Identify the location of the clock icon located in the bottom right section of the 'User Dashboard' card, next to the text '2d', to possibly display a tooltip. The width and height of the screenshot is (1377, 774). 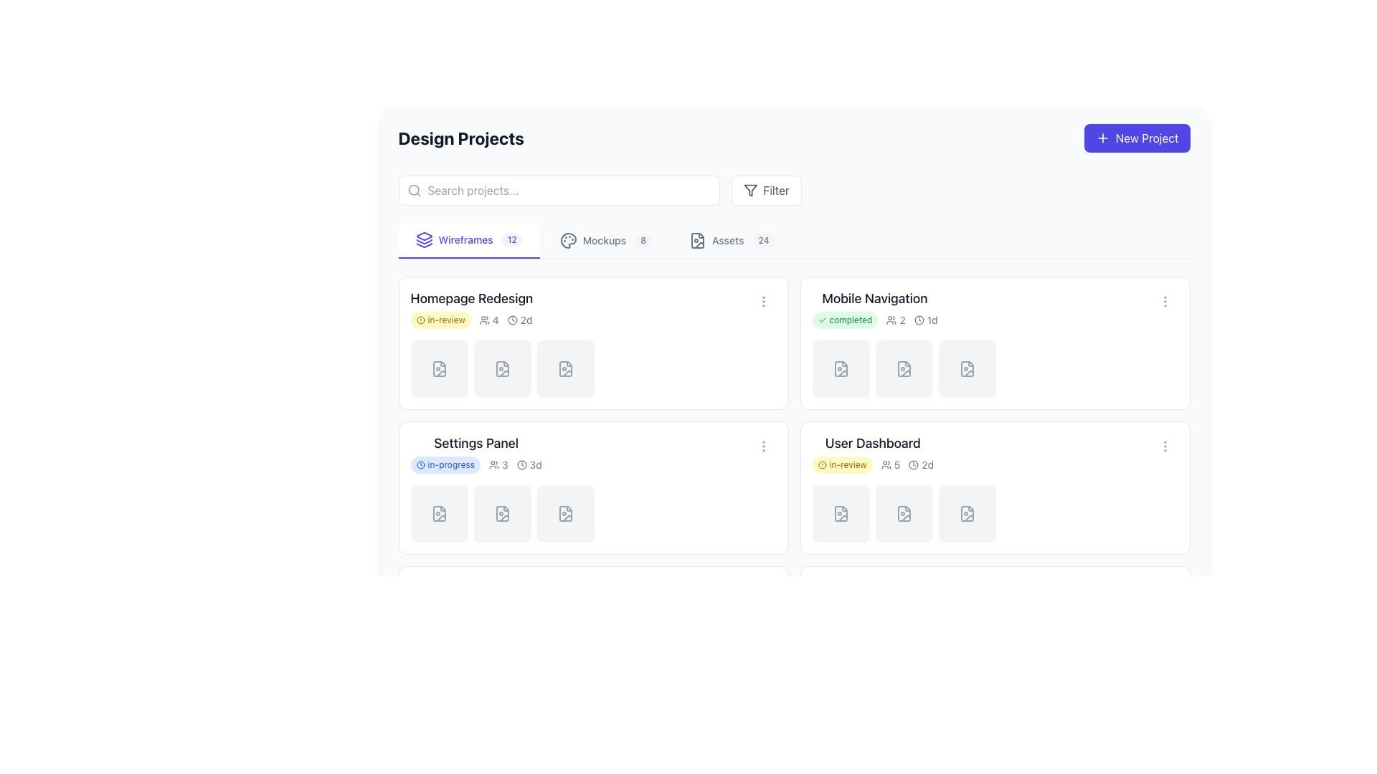
(913, 464).